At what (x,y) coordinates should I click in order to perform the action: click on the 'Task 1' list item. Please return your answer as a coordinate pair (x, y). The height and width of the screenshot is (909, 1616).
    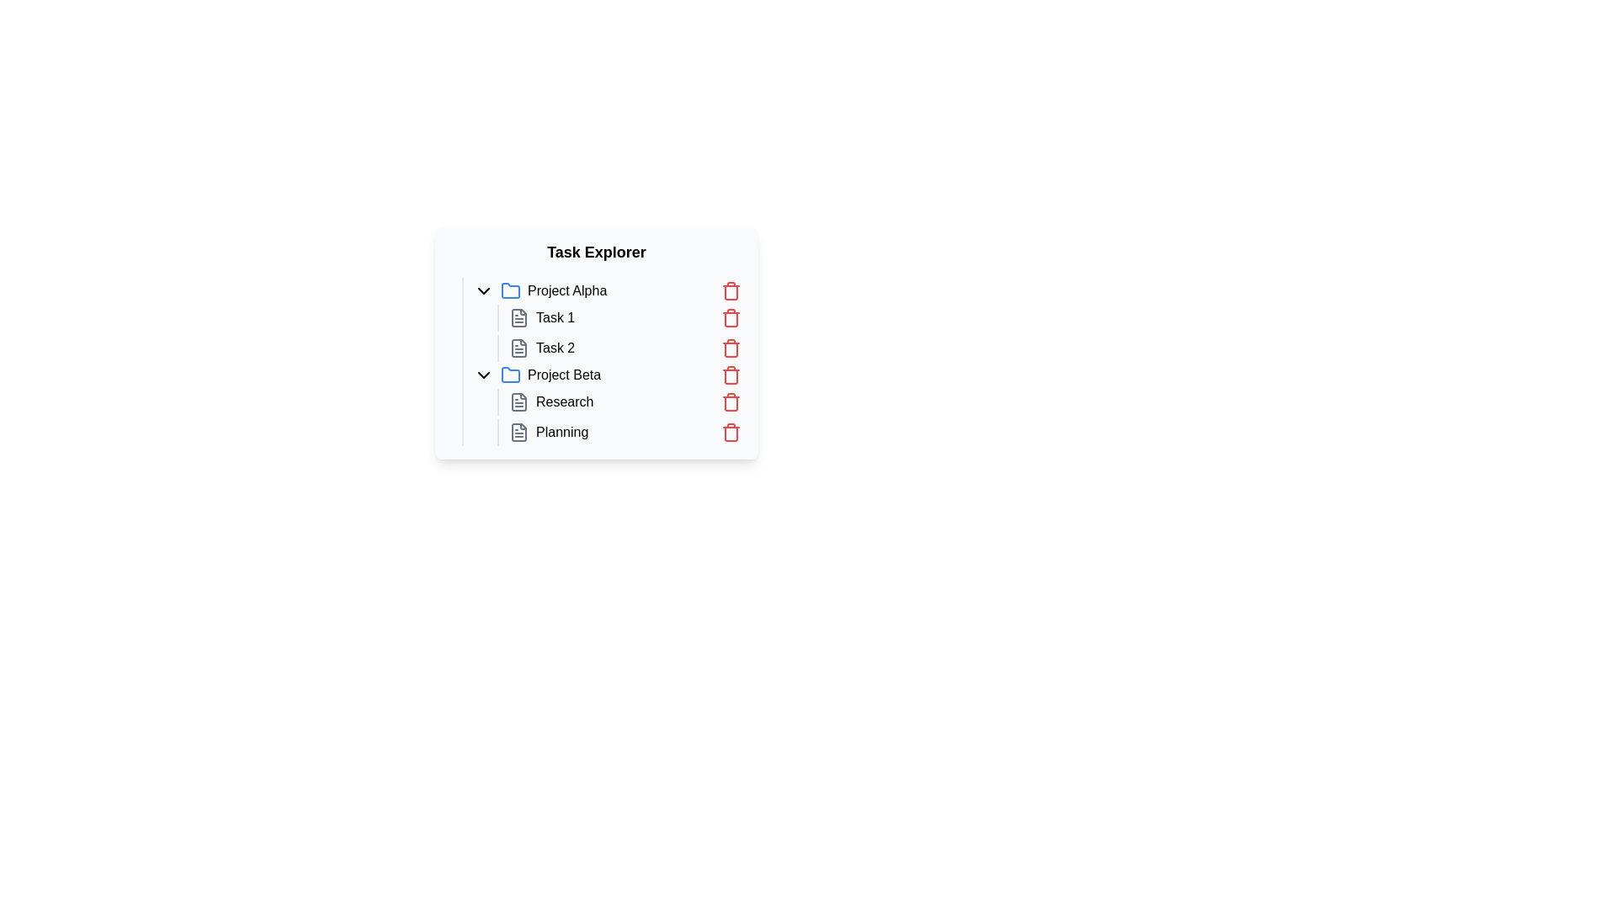
    Looking at the image, I should click on (625, 318).